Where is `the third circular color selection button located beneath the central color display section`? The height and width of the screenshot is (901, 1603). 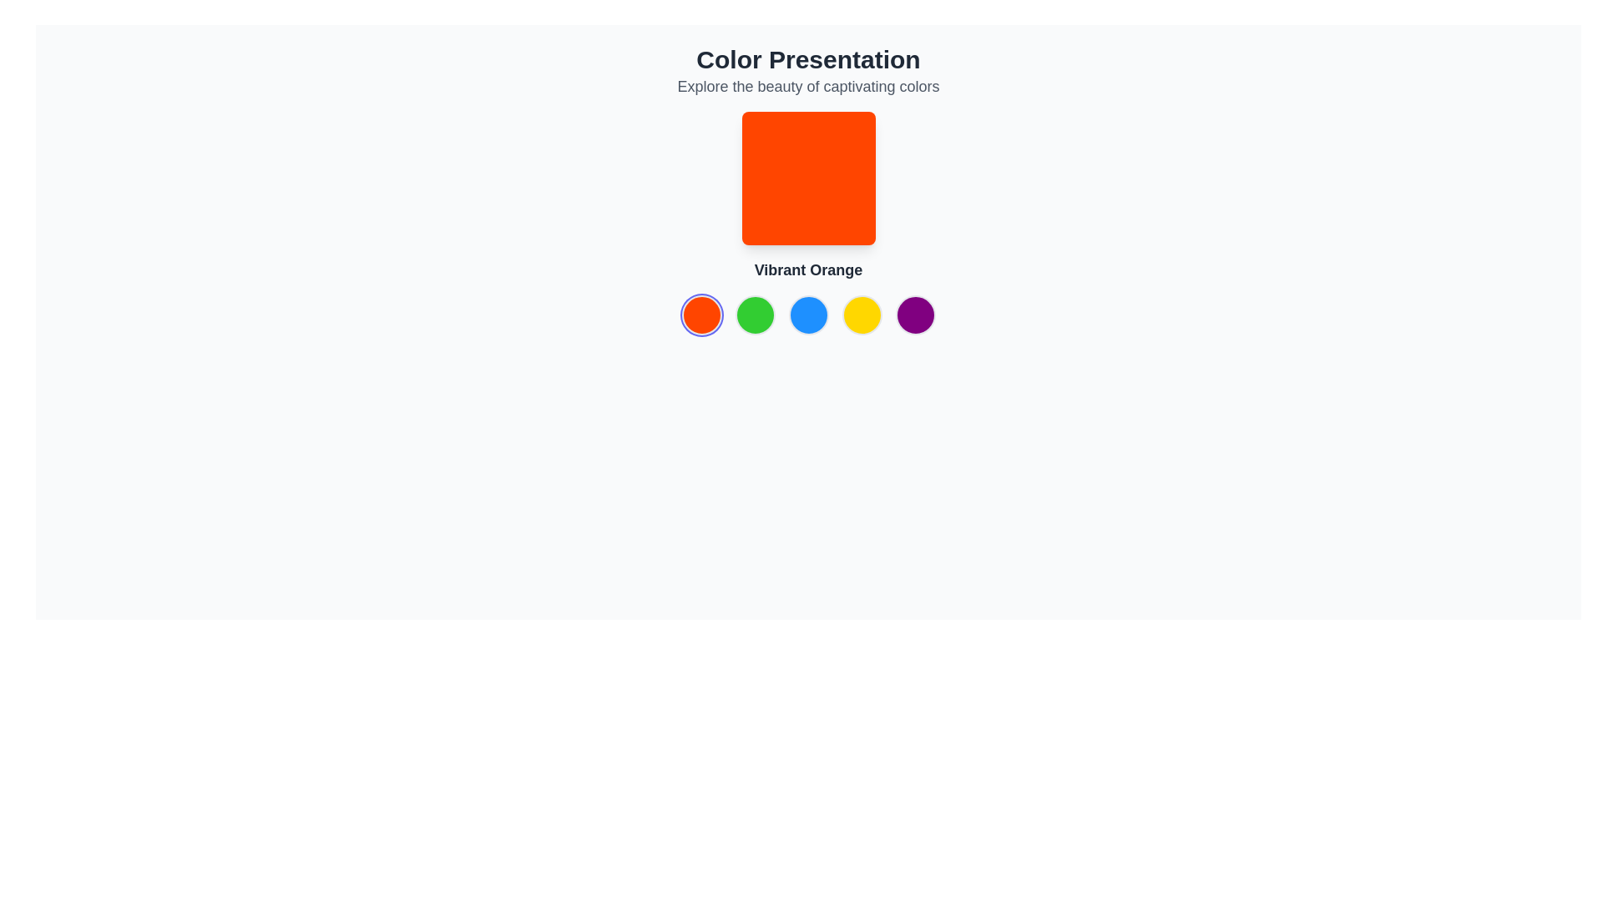 the third circular color selection button located beneath the central color display section is located at coordinates (808, 315).